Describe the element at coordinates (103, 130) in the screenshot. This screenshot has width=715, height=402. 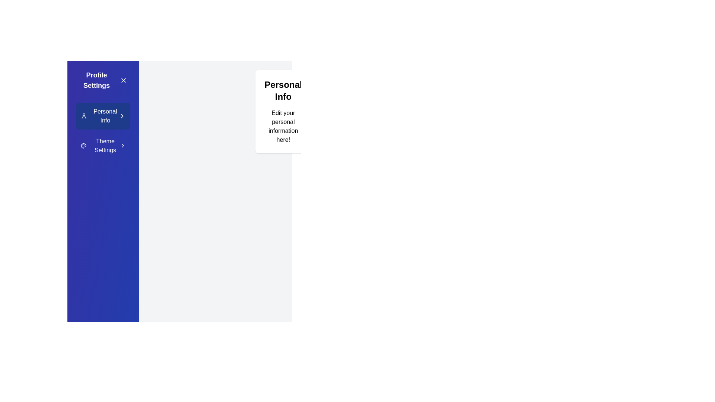
I see `the 'Personal Info' option in the Menu List located in the left sidebar of the 'Profile Settings' section` at that location.